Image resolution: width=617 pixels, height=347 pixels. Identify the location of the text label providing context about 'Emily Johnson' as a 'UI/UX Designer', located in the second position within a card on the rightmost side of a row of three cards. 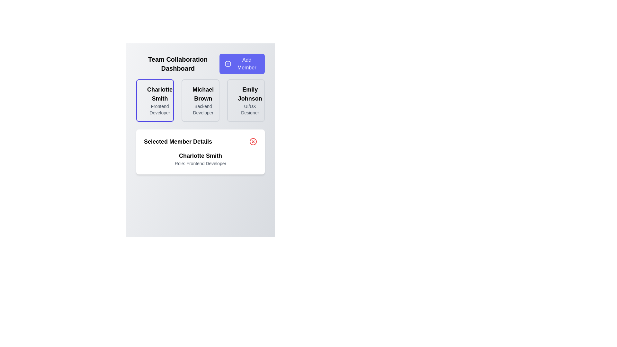
(250, 109).